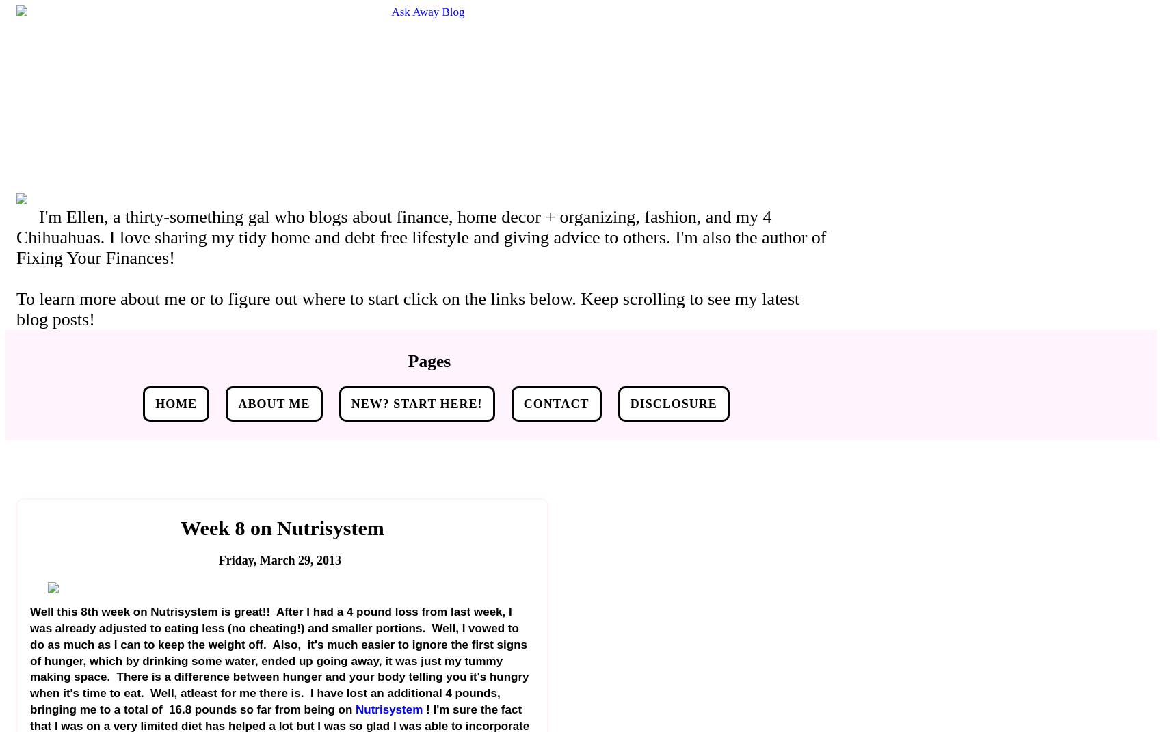  What do you see at coordinates (181, 527) in the screenshot?
I see `'Week 8 on Nutrisystem'` at bounding box center [181, 527].